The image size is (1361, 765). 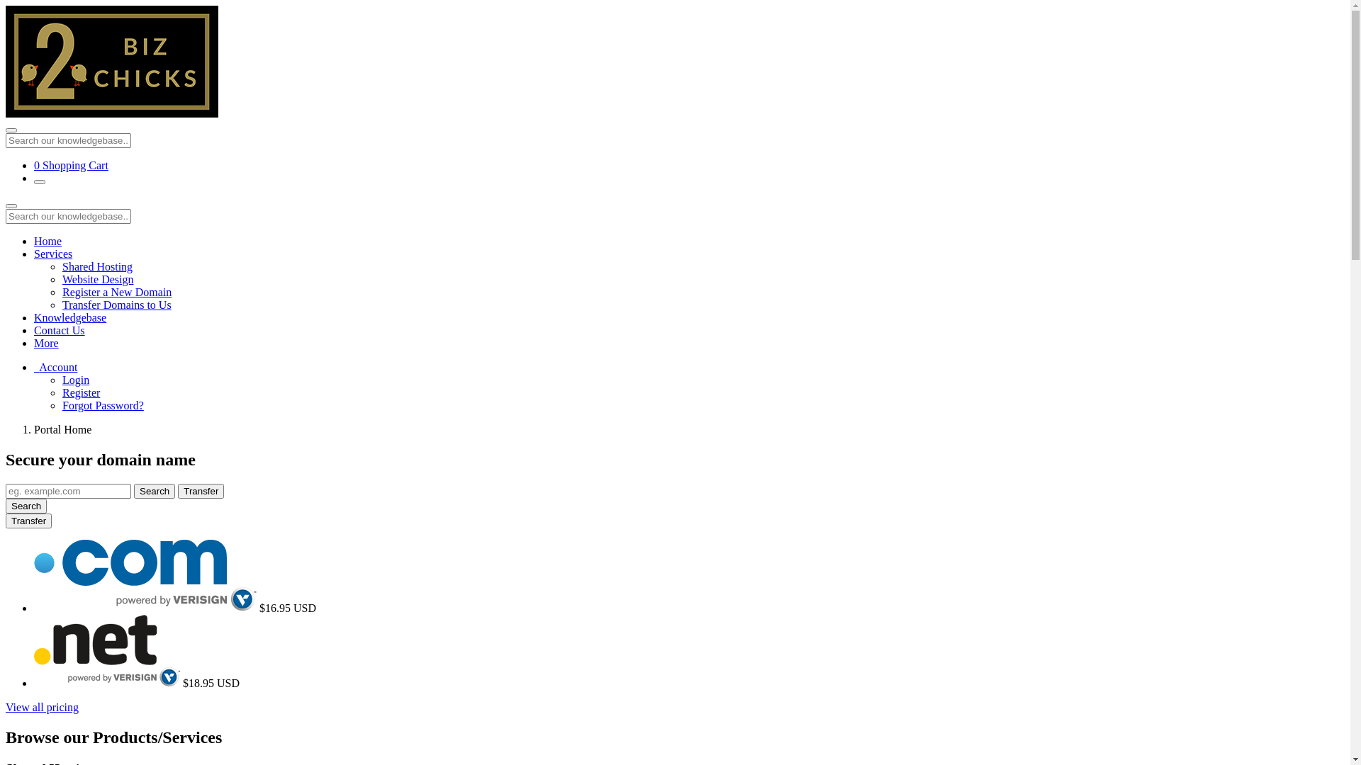 I want to click on 'Shared Hosting', so click(x=96, y=266).